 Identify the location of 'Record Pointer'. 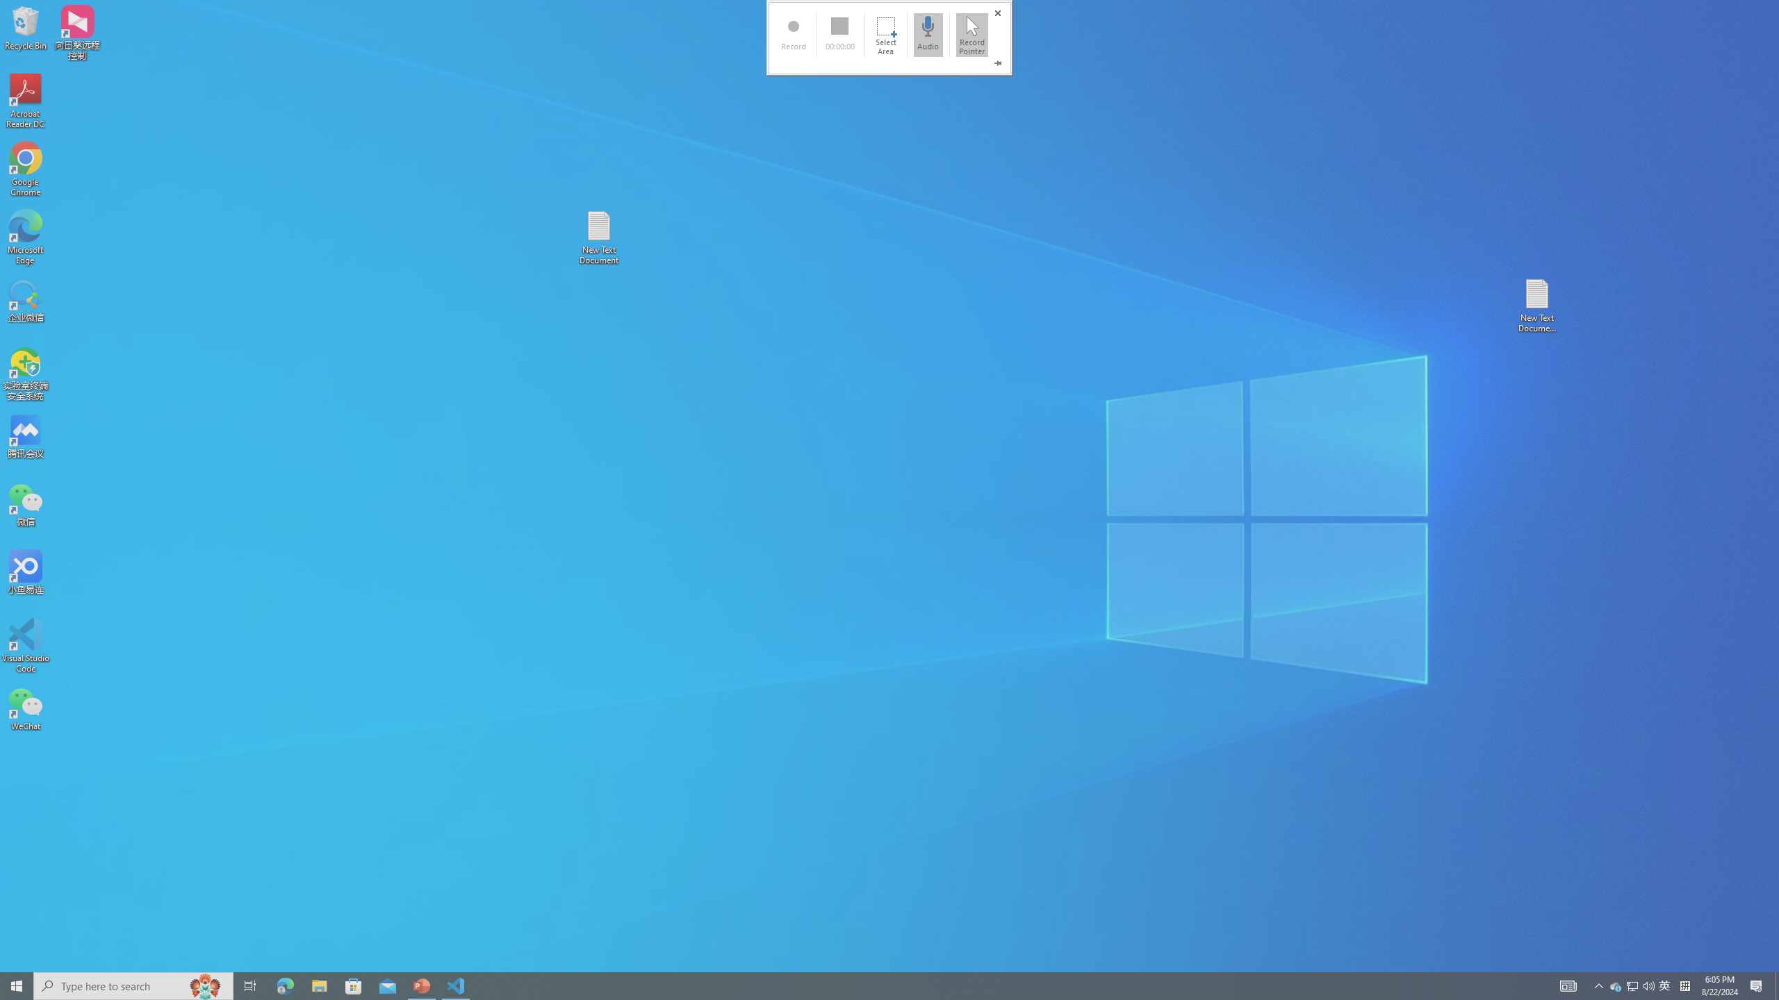
(972, 34).